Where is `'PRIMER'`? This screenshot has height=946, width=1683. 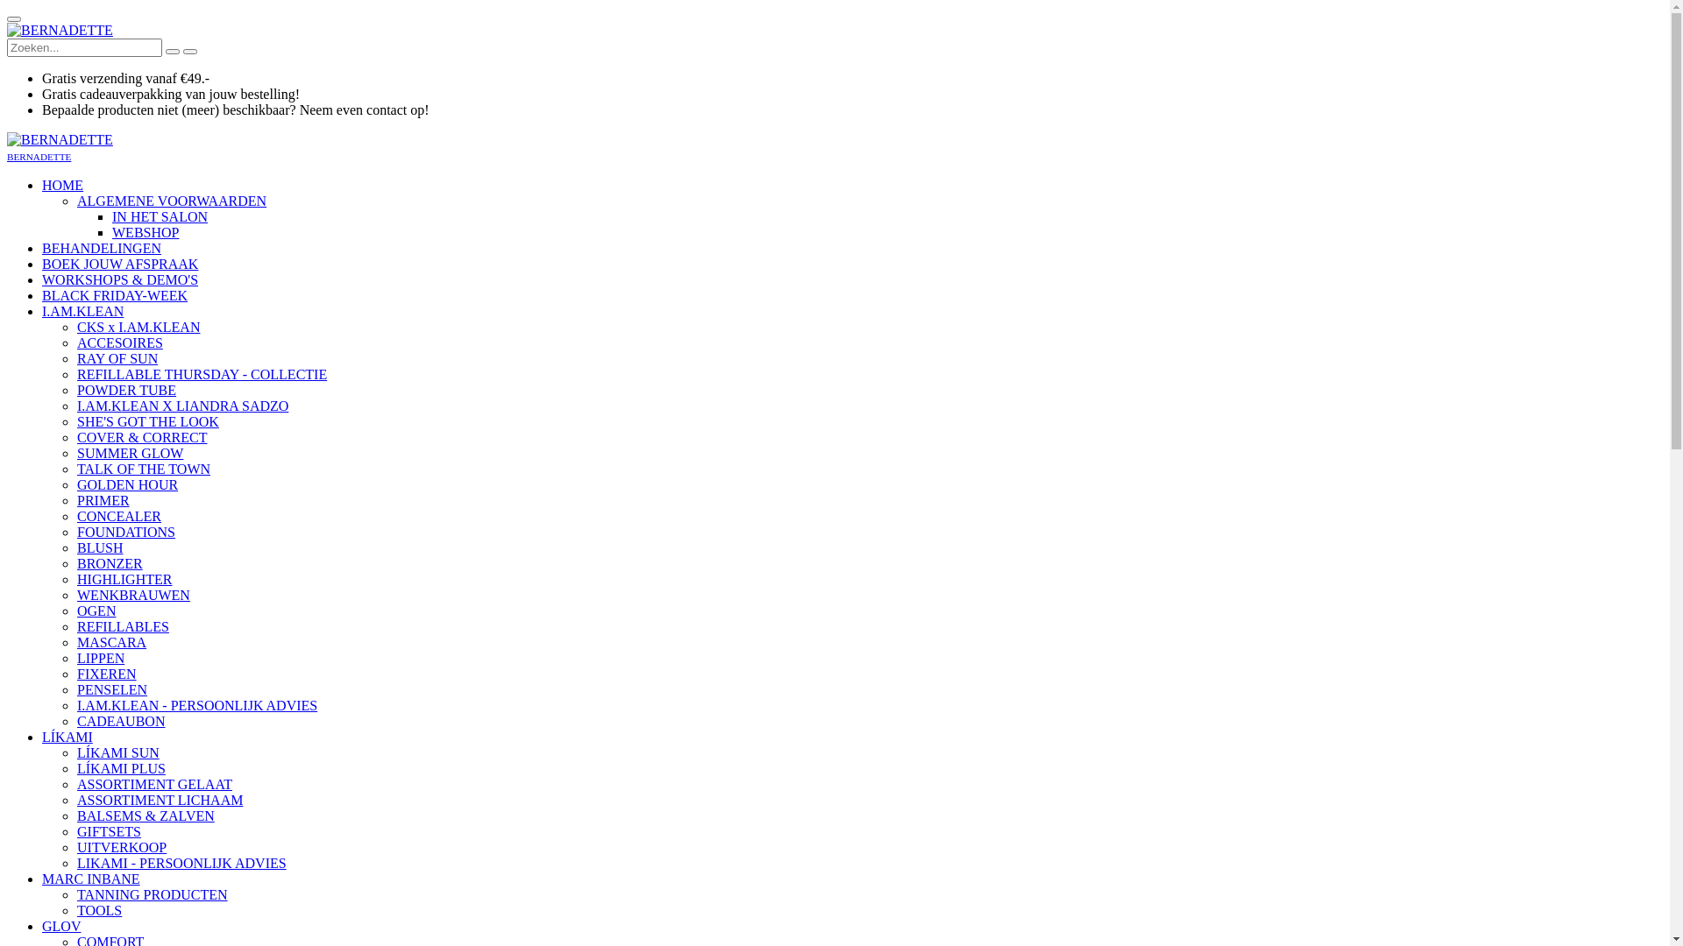
'PRIMER' is located at coordinates (103, 500).